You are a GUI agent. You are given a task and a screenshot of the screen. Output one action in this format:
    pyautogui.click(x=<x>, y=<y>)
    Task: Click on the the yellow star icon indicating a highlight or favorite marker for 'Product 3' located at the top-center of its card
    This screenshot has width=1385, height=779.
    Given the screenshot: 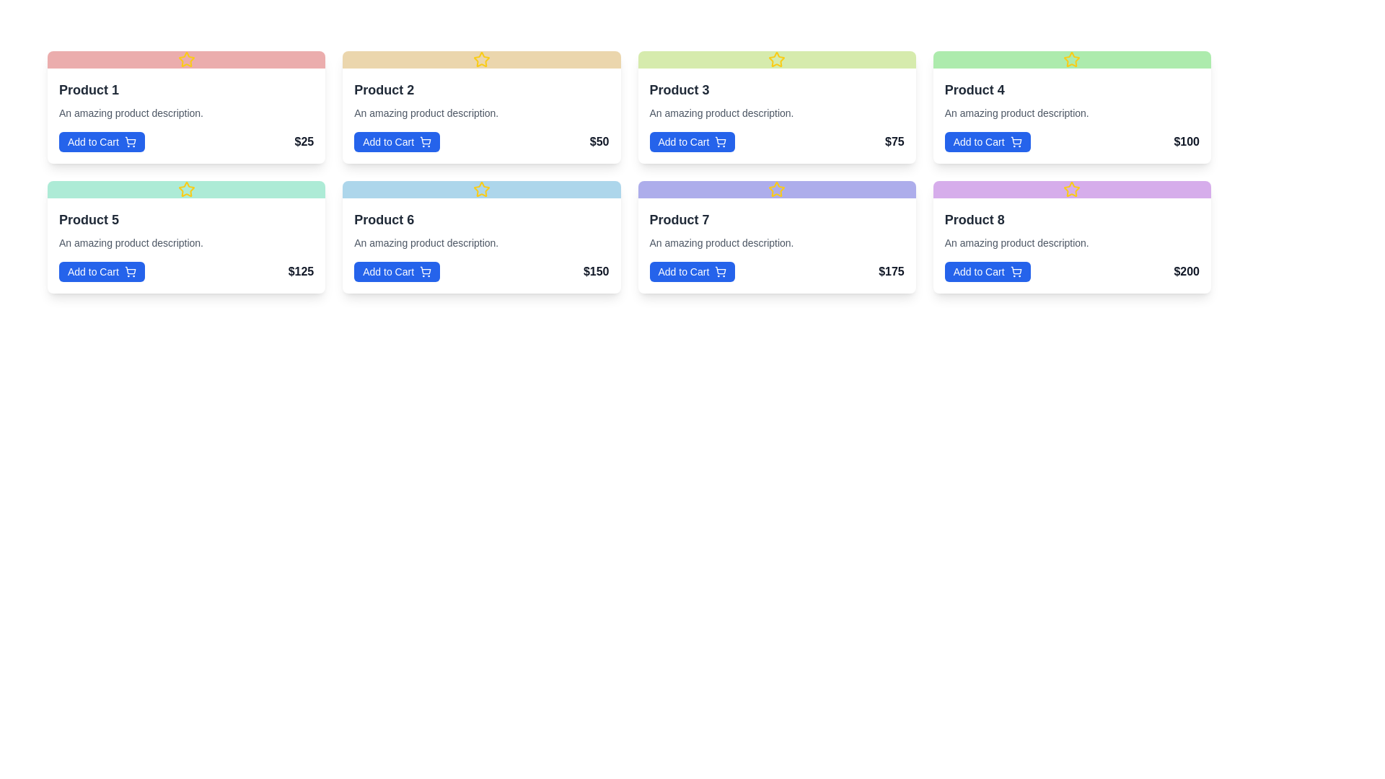 What is the action you would take?
    pyautogui.click(x=776, y=58)
    